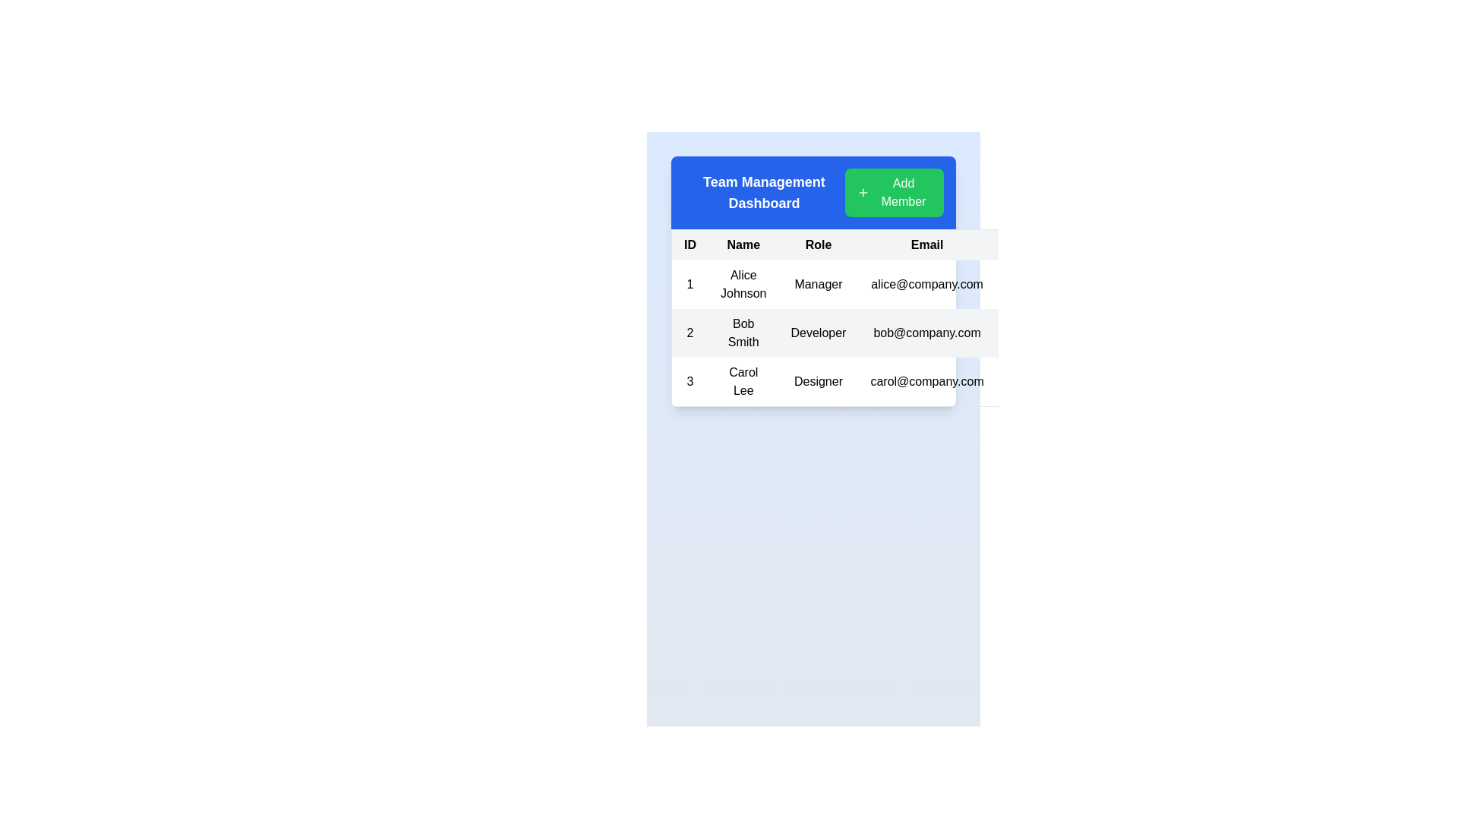 This screenshot has width=1458, height=820. Describe the element at coordinates (863, 192) in the screenshot. I see `the '+' icon within the 'Add Member' button located at the top-right corner of the Team Management Dashboard` at that location.